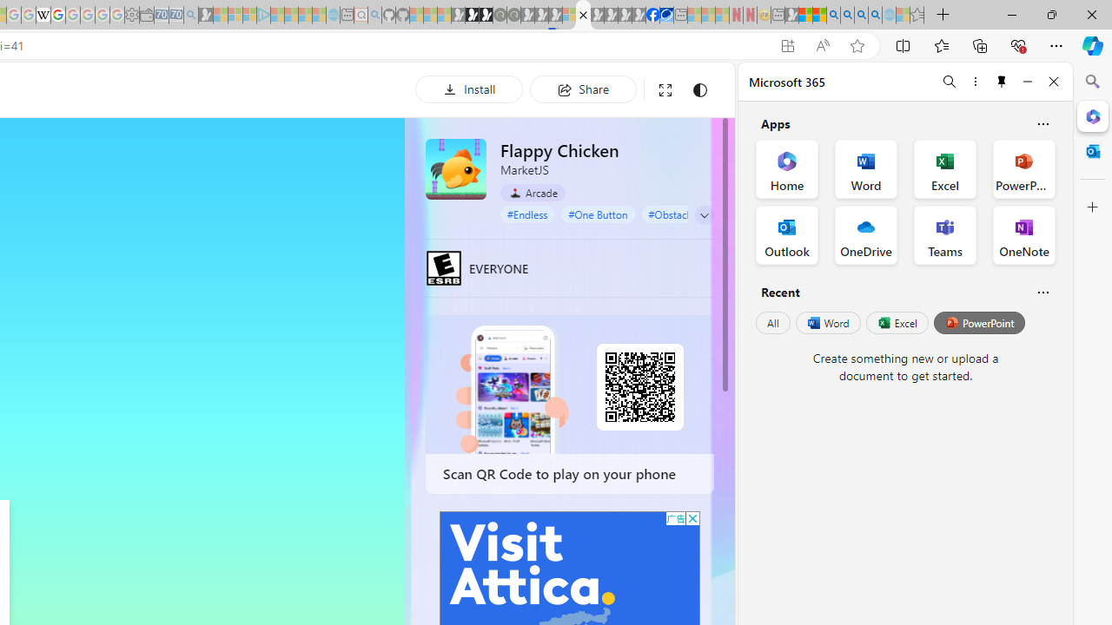 Image resolution: width=1112 pixels, height=625 pixels. What do you see at coordinates (875, 15) in the screenshot?
I see `'Google Chrome Internet Browser Download - Search Images'` at bounding box center [875, 15].